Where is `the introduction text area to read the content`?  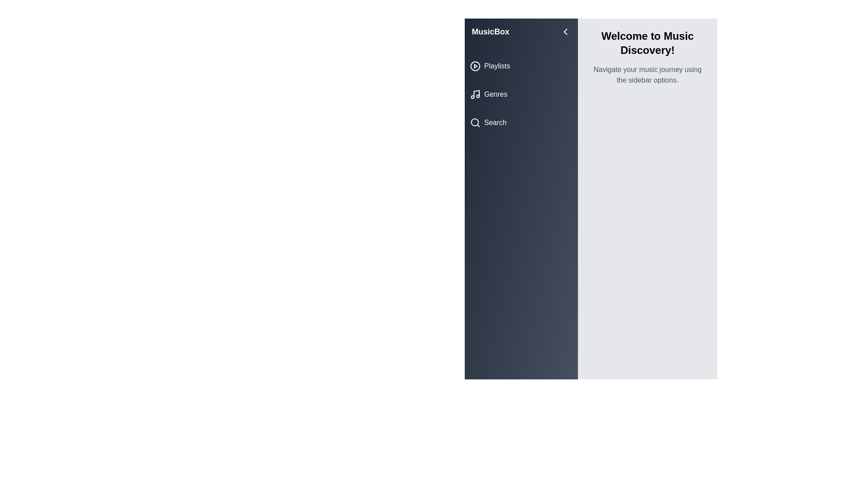
the introduction text area to read the content is located at coordinates (647, 57).